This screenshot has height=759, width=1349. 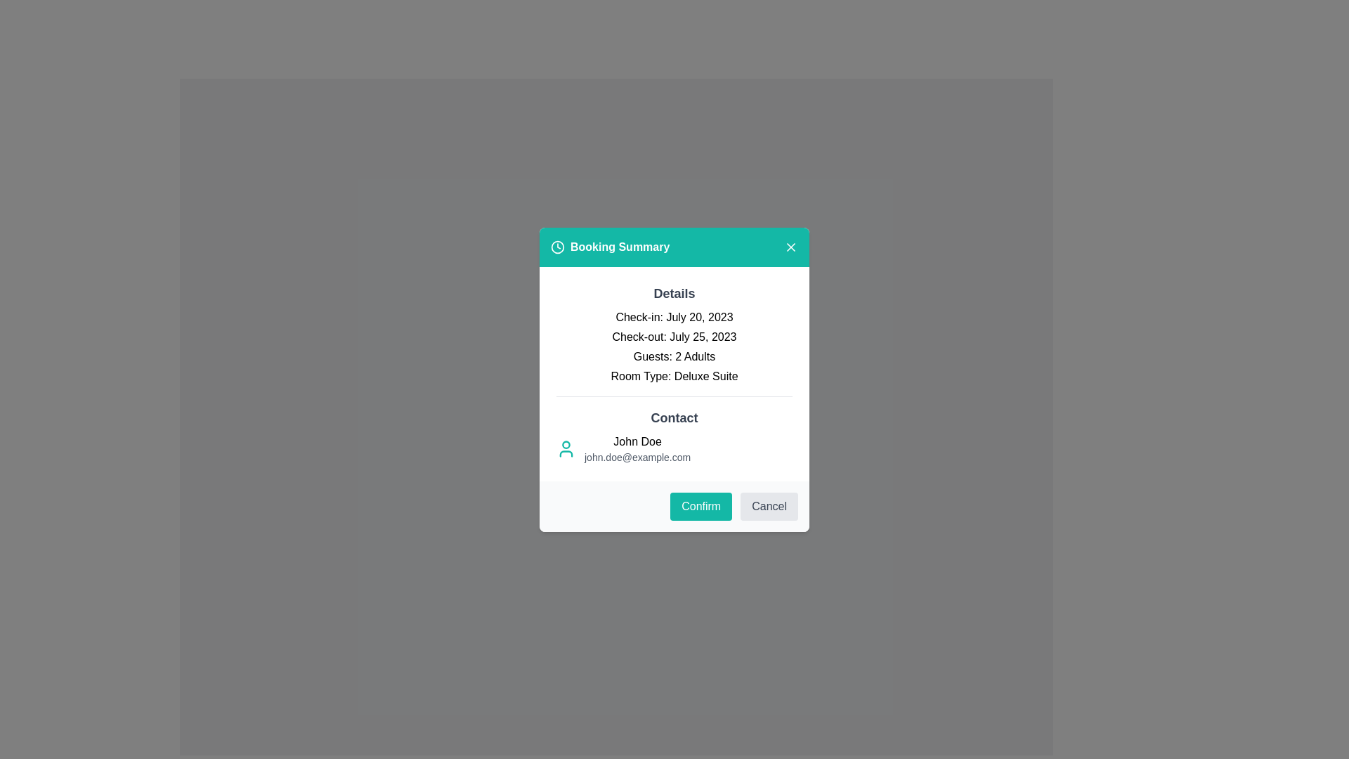 What do you see at coordinates (674, 333) in the screenshot?
I see `the static text display that shows booking details, located beneath the 'Booking Summary' header in the modal dialog` at bounding box center [674, 333].